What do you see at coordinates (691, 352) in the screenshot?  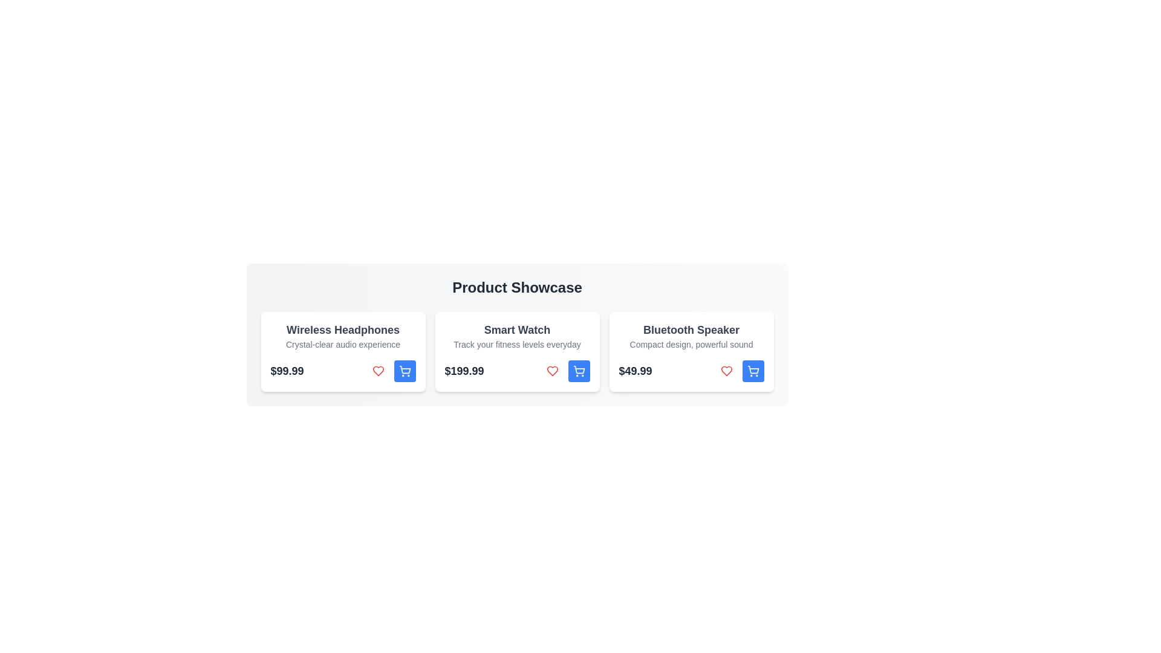 I see `the product card for Bluetooth Speaker to view its details` at bounding box center [691, 352].